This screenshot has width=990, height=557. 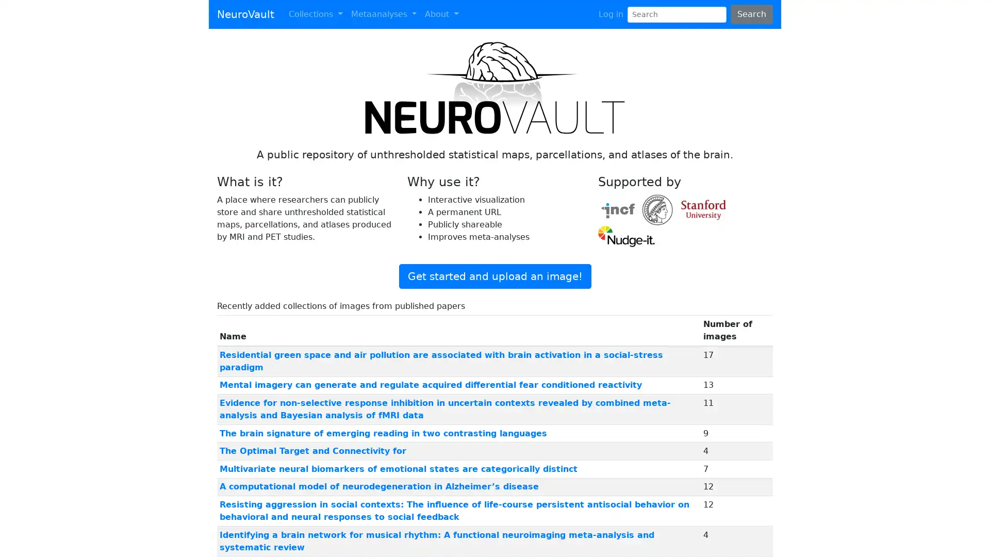 I want to click on Search, so click(x=751, y=14).